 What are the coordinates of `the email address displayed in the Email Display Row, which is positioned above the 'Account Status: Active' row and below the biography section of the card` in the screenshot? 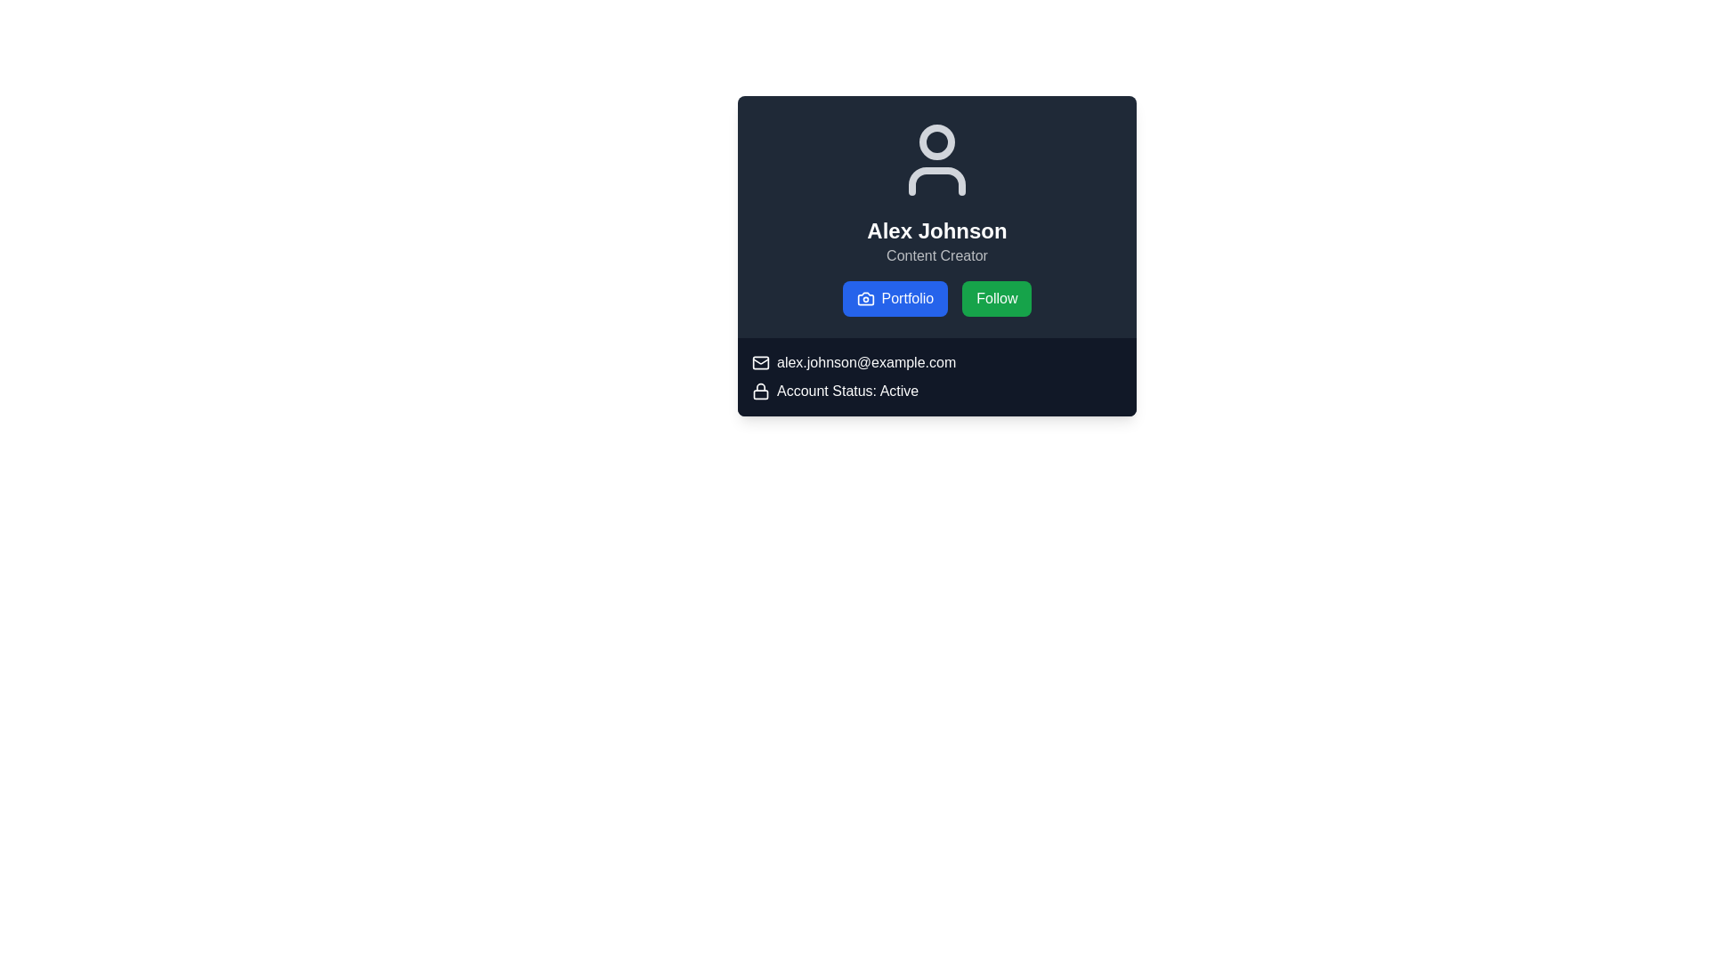 It's located at (935, 362).